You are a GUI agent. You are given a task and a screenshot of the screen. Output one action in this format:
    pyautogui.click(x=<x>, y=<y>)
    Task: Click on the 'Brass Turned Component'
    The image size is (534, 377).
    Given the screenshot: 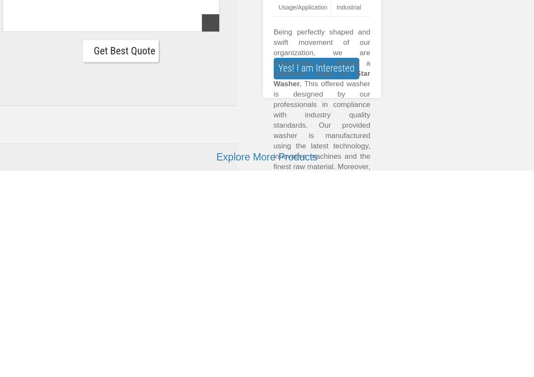 What is the action you would take?
    pyautogui.click(x=207, y=324)
    